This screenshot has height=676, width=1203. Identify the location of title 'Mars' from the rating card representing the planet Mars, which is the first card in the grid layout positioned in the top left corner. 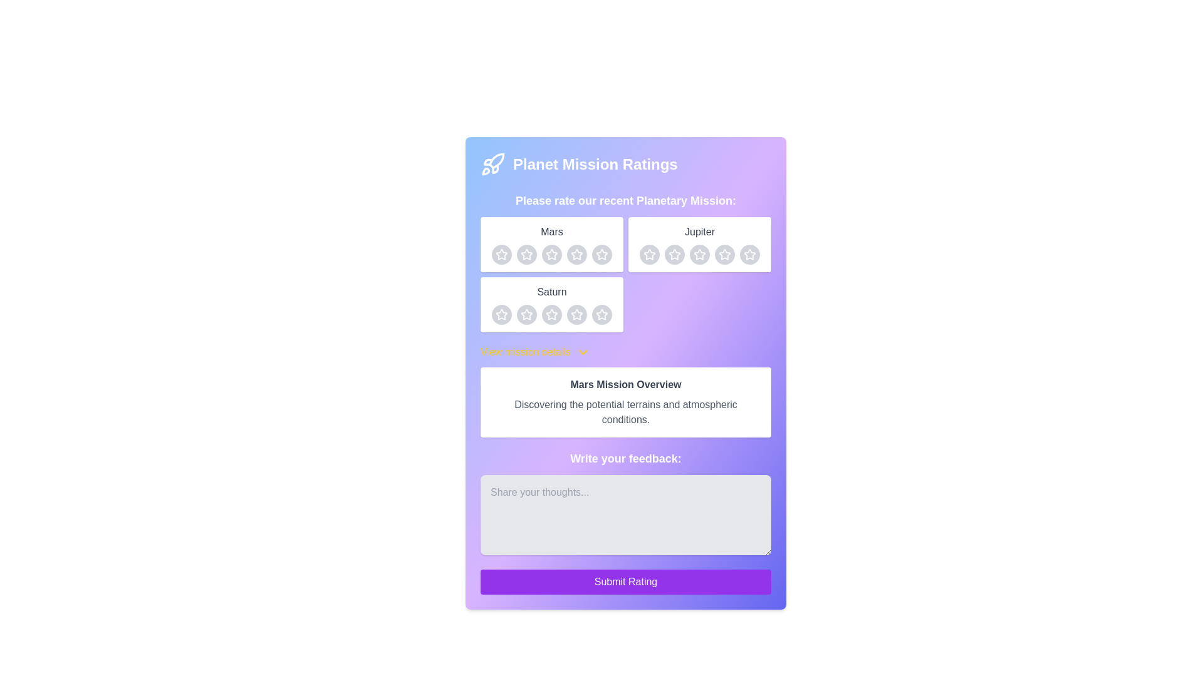
(551, 244).